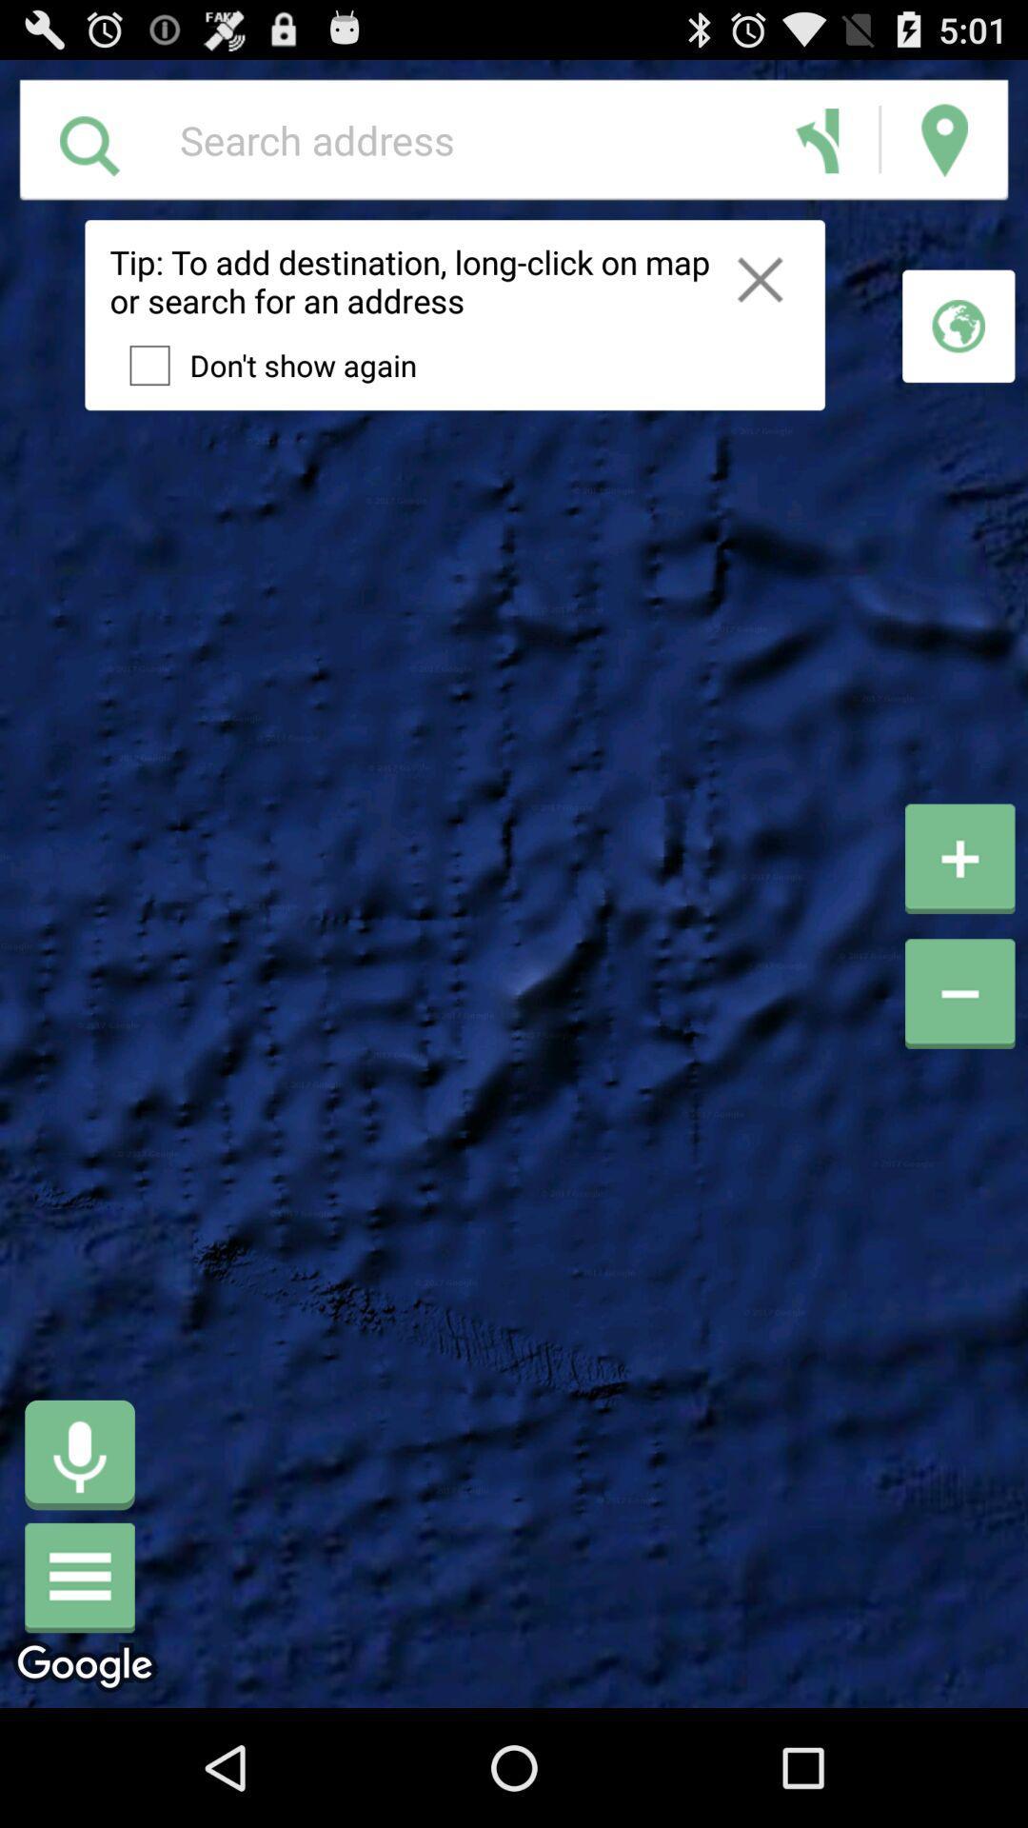  Describe the element at coordinates (816, 148) in the screenshot. I see `the reply icon` at that location.